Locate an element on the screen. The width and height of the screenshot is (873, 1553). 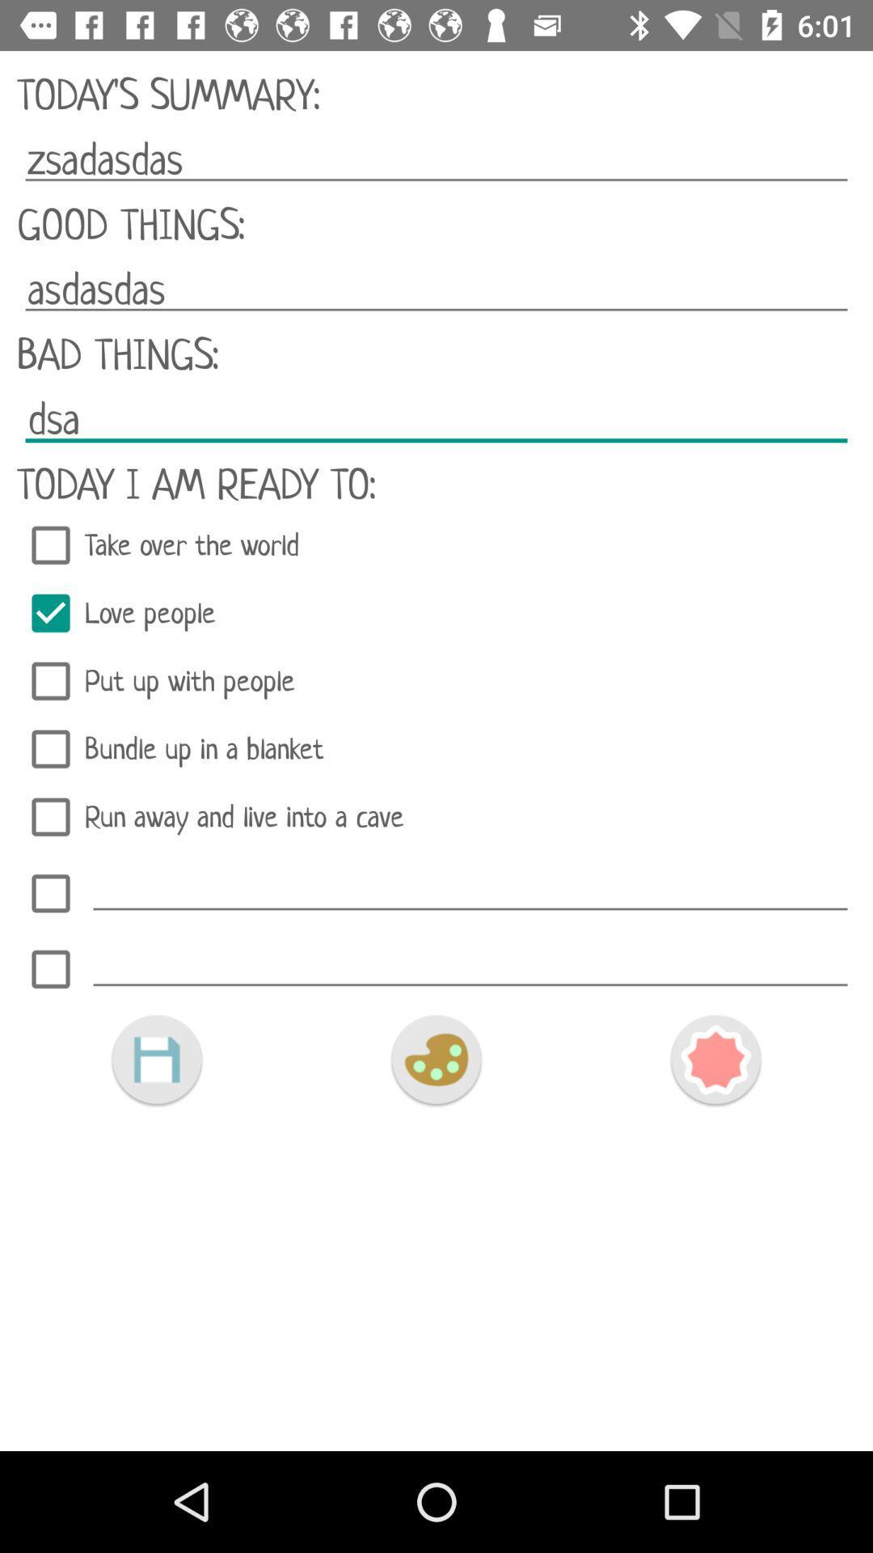
the zsadasdas is located at coordinates (436, 159).